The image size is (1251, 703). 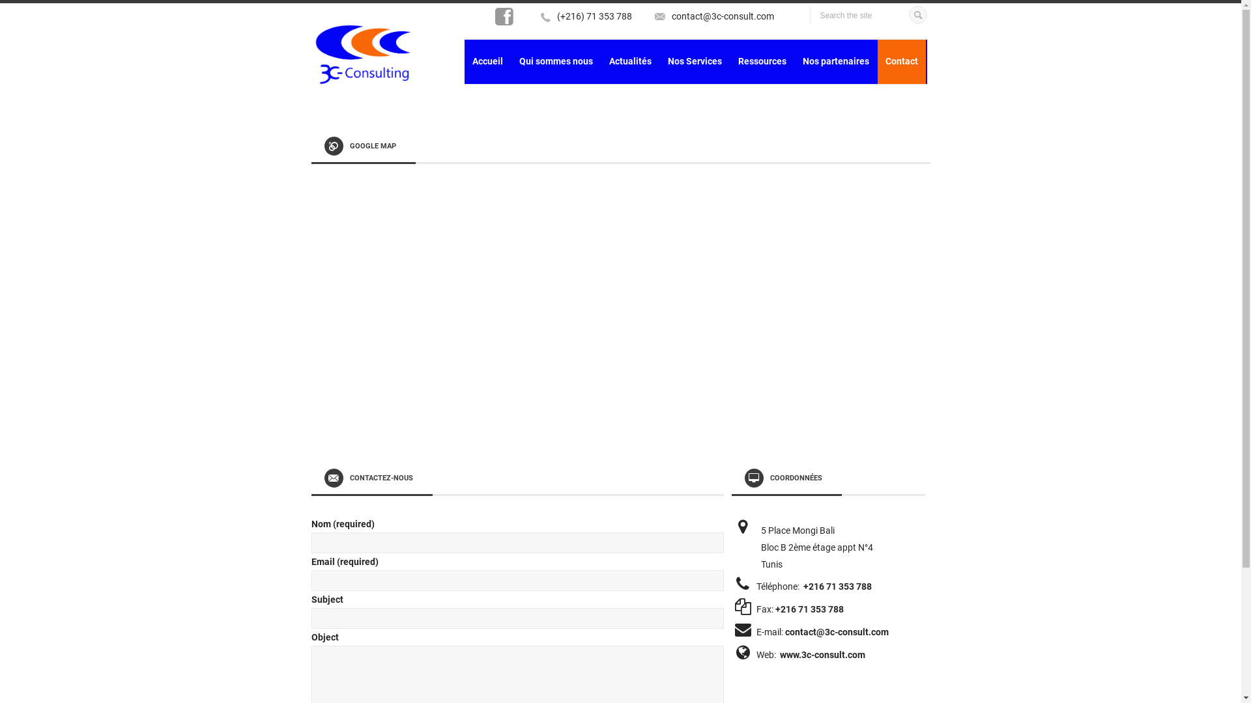 What do you see at coordinates (555, 62) in the screenshot?
I see `'Qui sommes nous'` at bounding box center [555, 62].